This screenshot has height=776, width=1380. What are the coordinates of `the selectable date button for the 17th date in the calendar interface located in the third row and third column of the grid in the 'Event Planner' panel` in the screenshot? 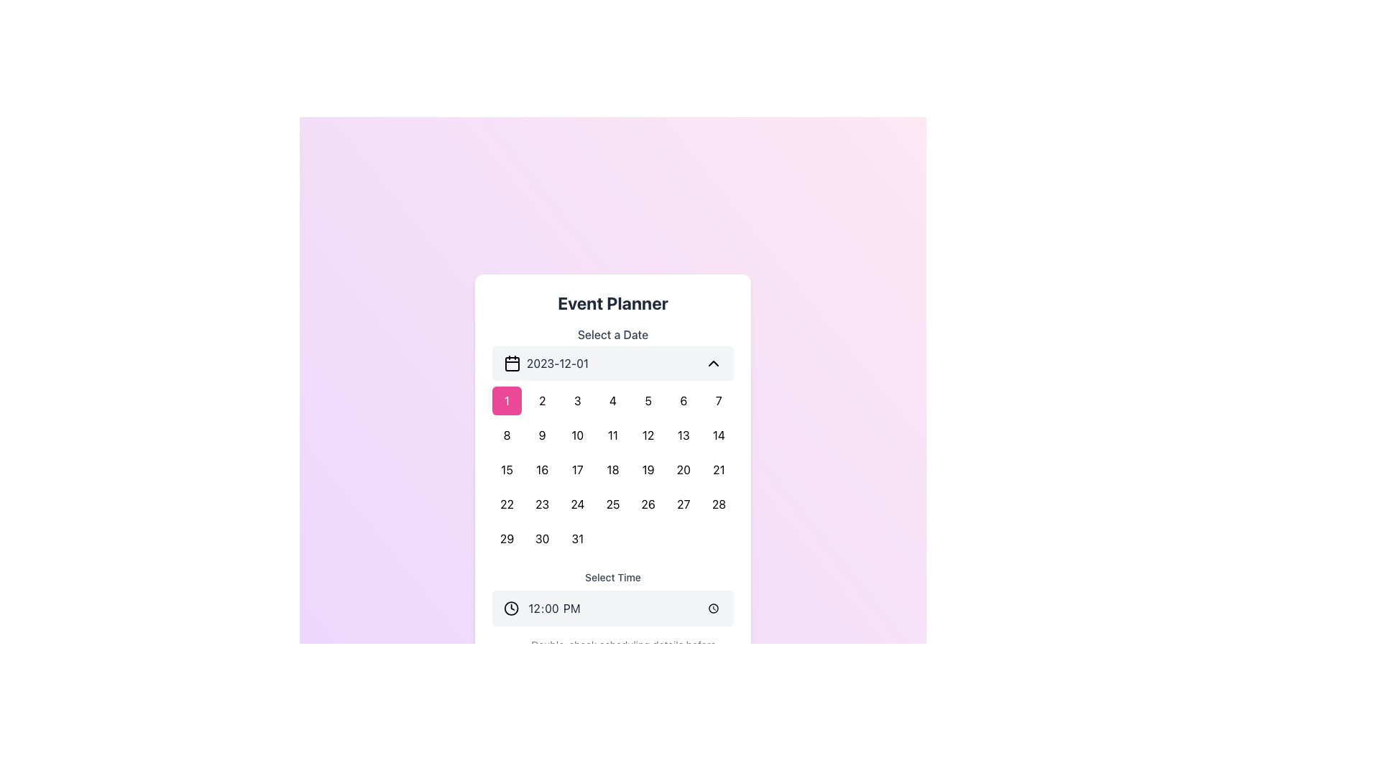 It's located at (577, 470).